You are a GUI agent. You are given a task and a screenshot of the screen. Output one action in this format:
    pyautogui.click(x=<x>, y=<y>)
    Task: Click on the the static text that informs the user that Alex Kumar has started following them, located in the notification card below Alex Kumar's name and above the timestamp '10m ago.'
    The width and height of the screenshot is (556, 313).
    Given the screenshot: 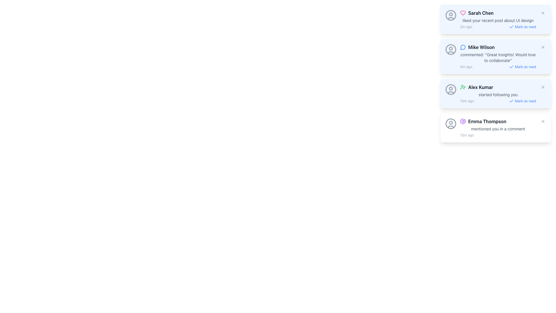 What is the action you would take?
    pyautogui.click(x=498, y=94)
    